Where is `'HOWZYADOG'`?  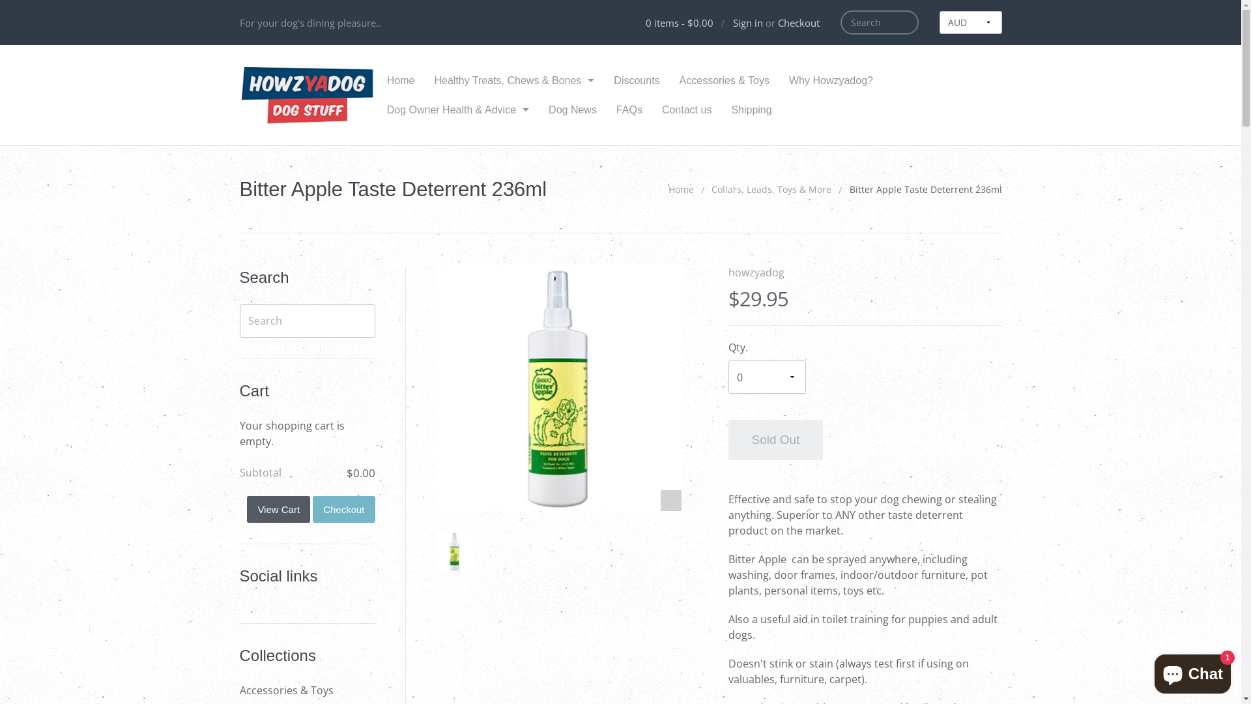 'HOWZYADOG' is located at coordinates (308, 94).